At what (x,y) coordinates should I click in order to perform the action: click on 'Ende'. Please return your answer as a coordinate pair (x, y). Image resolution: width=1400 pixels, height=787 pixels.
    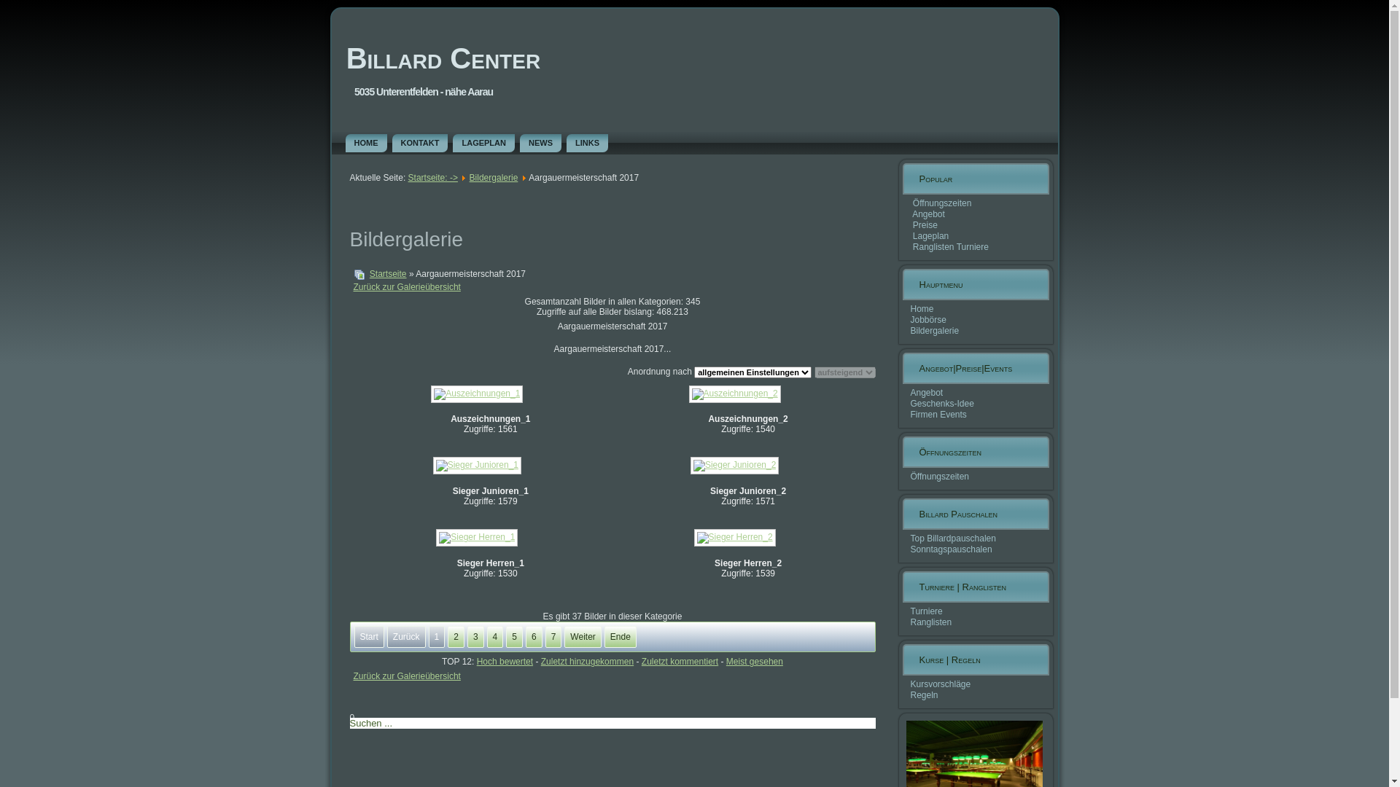
    Looking at the image, I should click on (620, 636).